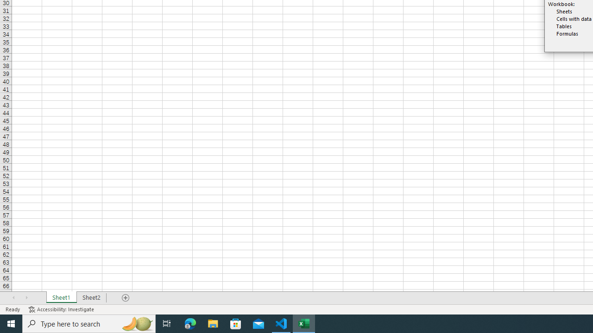 This screenshot has height=333, width=593. What do you see at coordinates (281, 323) in the screenshot?
I see `'Visual Studio Code - 1 running window'` at bounding box center [281, 323].